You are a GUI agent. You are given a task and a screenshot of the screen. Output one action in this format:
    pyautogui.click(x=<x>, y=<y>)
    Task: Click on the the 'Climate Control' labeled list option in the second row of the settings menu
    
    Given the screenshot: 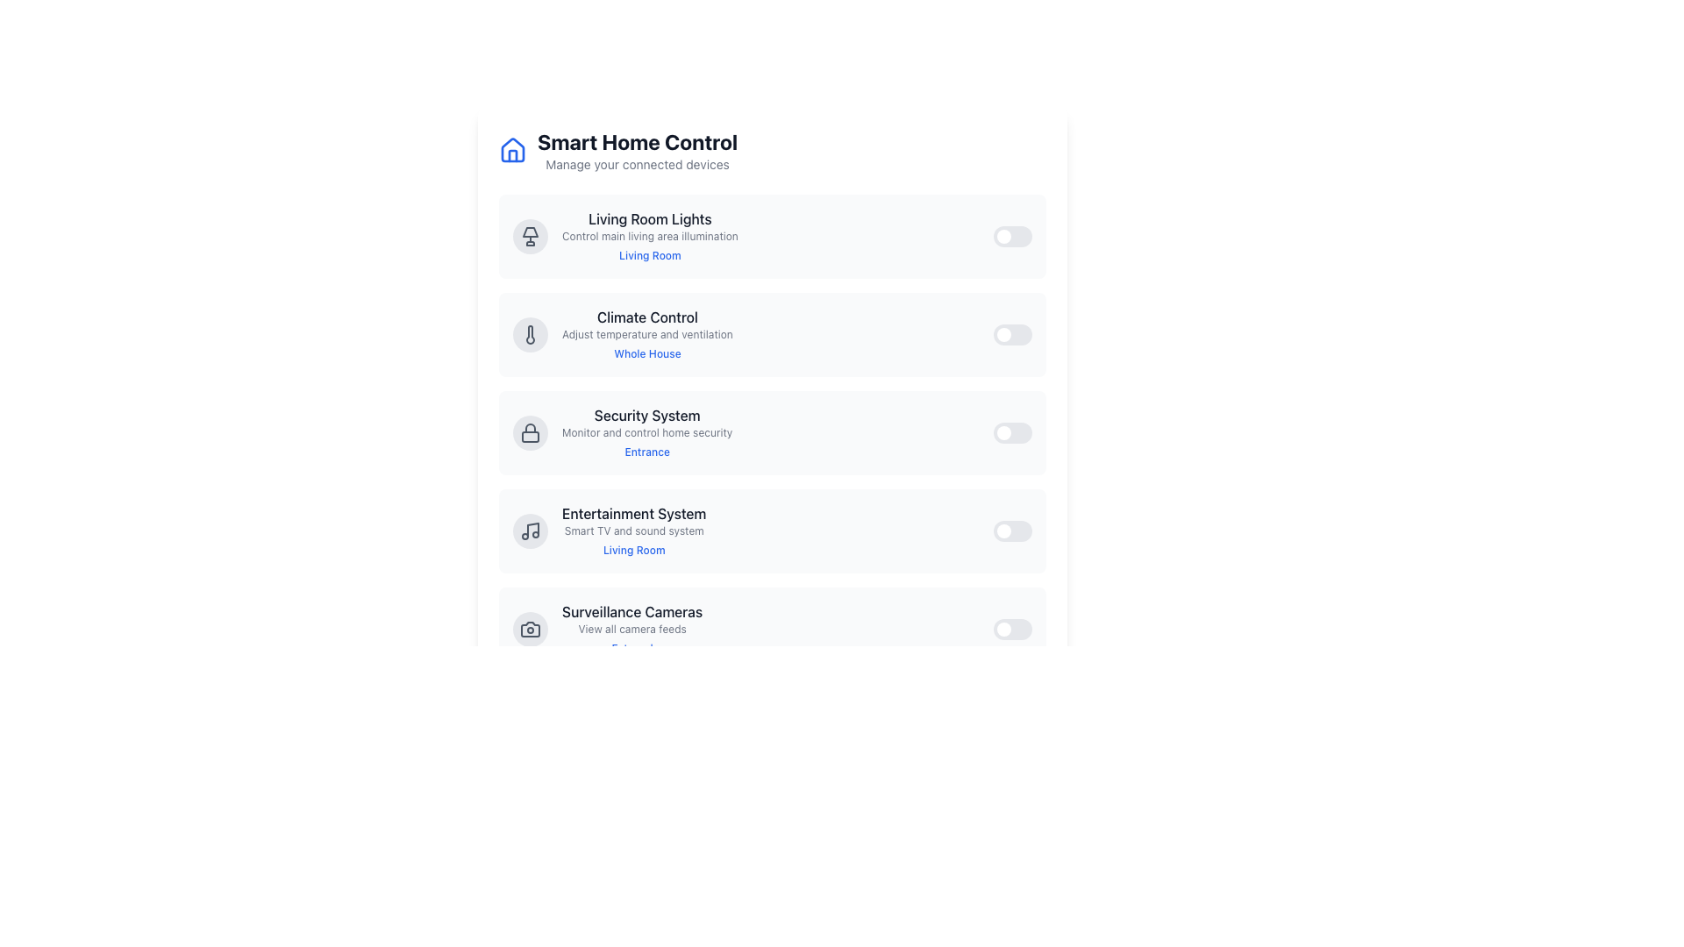 What is the action you would take?
    pyautogui.click(x=623, y=334)
    